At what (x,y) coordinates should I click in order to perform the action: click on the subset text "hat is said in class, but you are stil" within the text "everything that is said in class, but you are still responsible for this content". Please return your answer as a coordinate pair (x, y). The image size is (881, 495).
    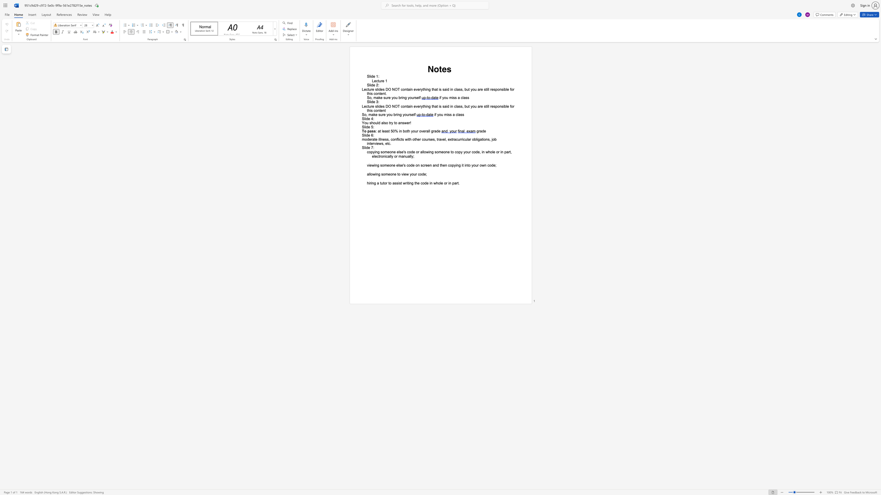
    Looking at the image, I should click on (432, 106).